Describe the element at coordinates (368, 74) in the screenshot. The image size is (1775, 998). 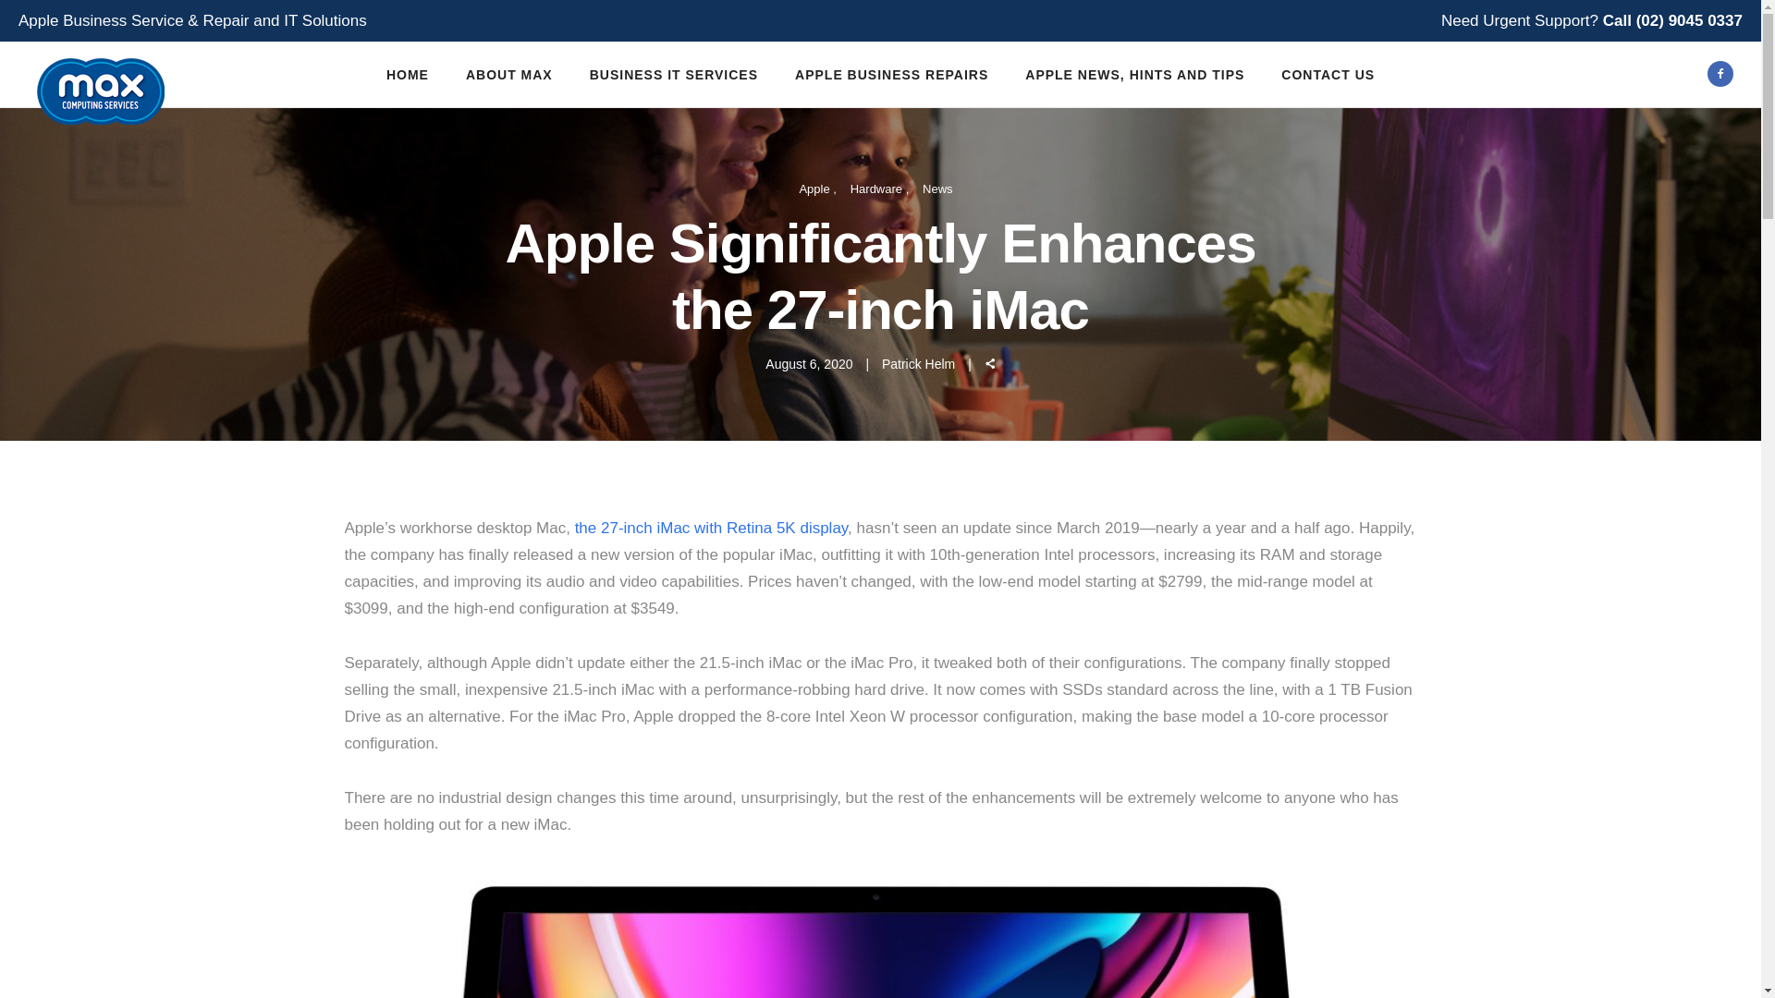
I see `'HOME'` at that location.